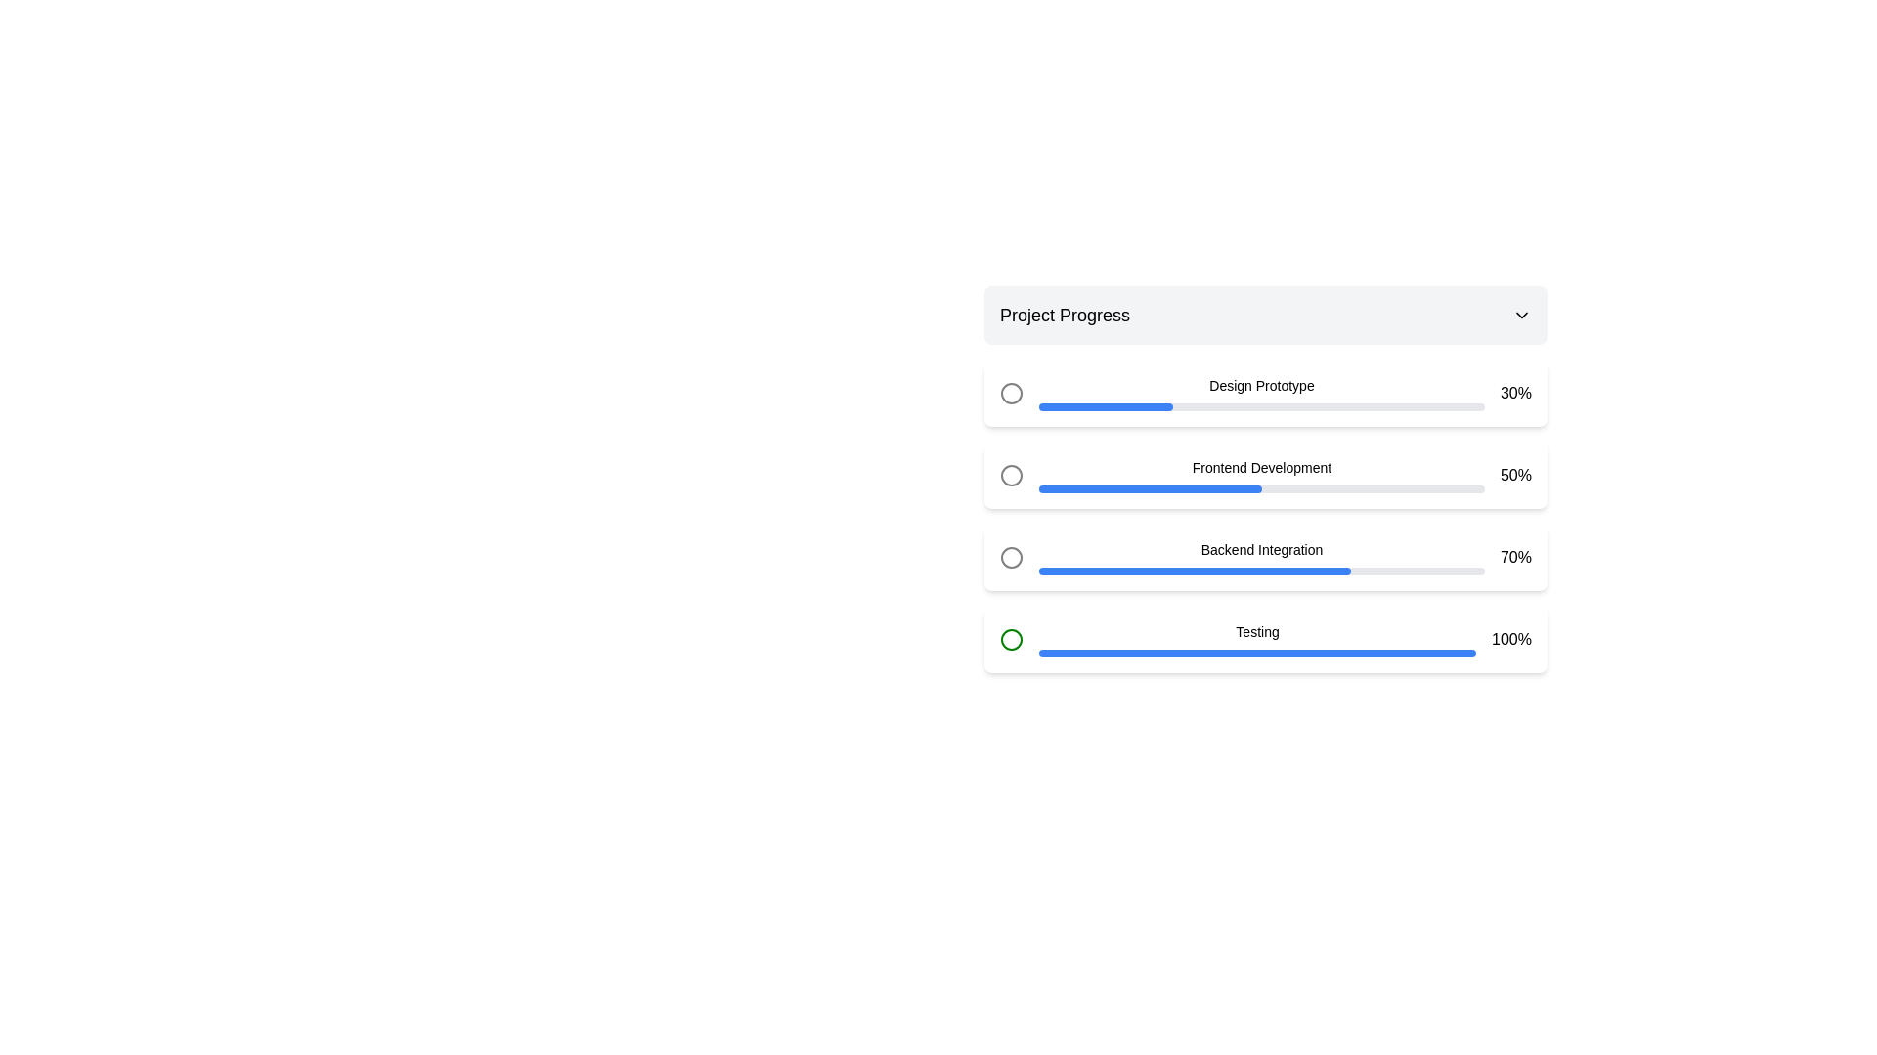  I want to click on the 'Testing' text label that provides context for the associated progress bar in the 'Project Progress' section, so click(1257, 632).